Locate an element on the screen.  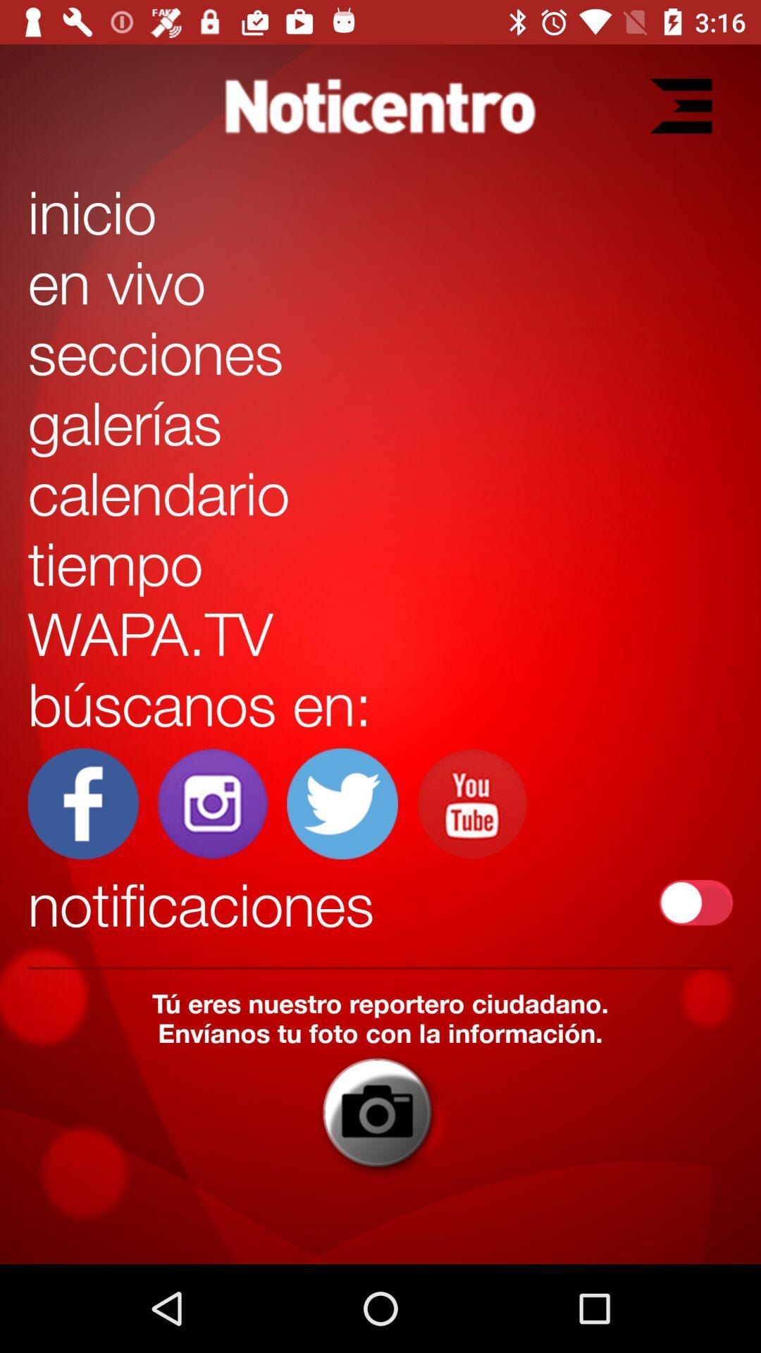
the photo icon is located at coordinates (213, 803).